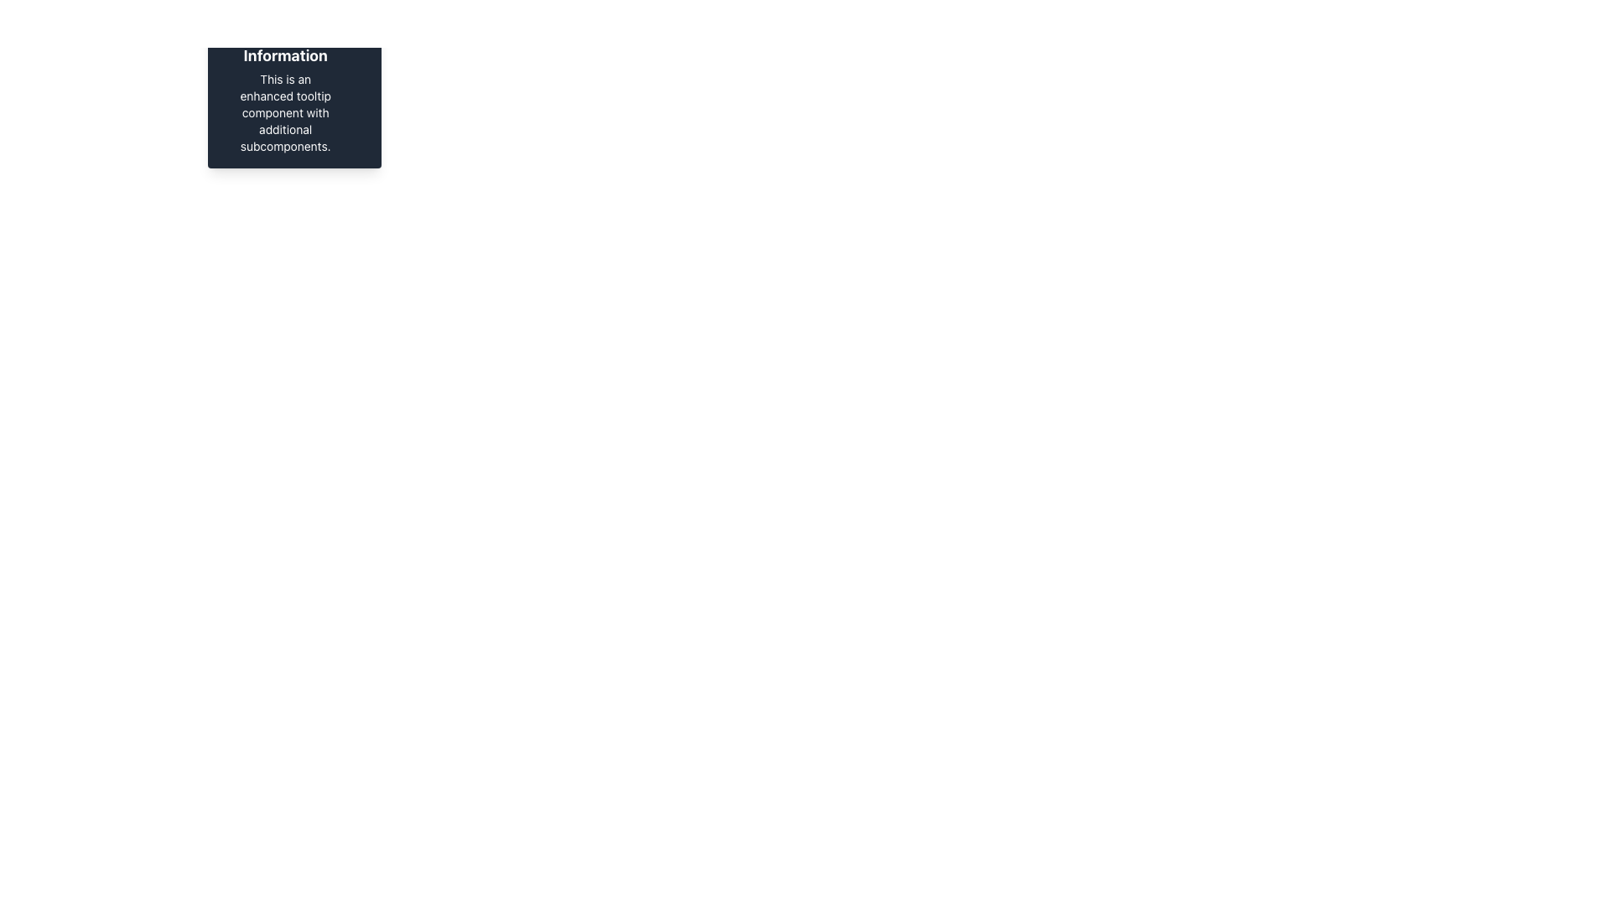  Describe the element at coordinates (285, 113) in the screenshot. I see `text block containing 'This is an enhanced tooltip component with additional subcomponents.' positioned below the 'Tooltip Information' header in the tooltip box` at that location.